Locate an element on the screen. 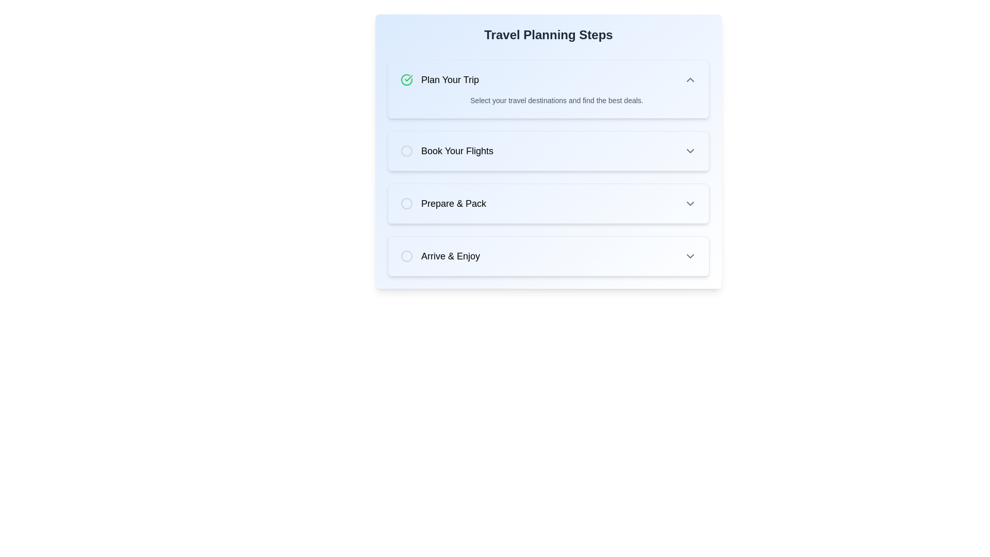  the List item labeled 'Arrive & Enjoy' in the 'Travel Planning Steps' section is located at coordinates (548, 256).